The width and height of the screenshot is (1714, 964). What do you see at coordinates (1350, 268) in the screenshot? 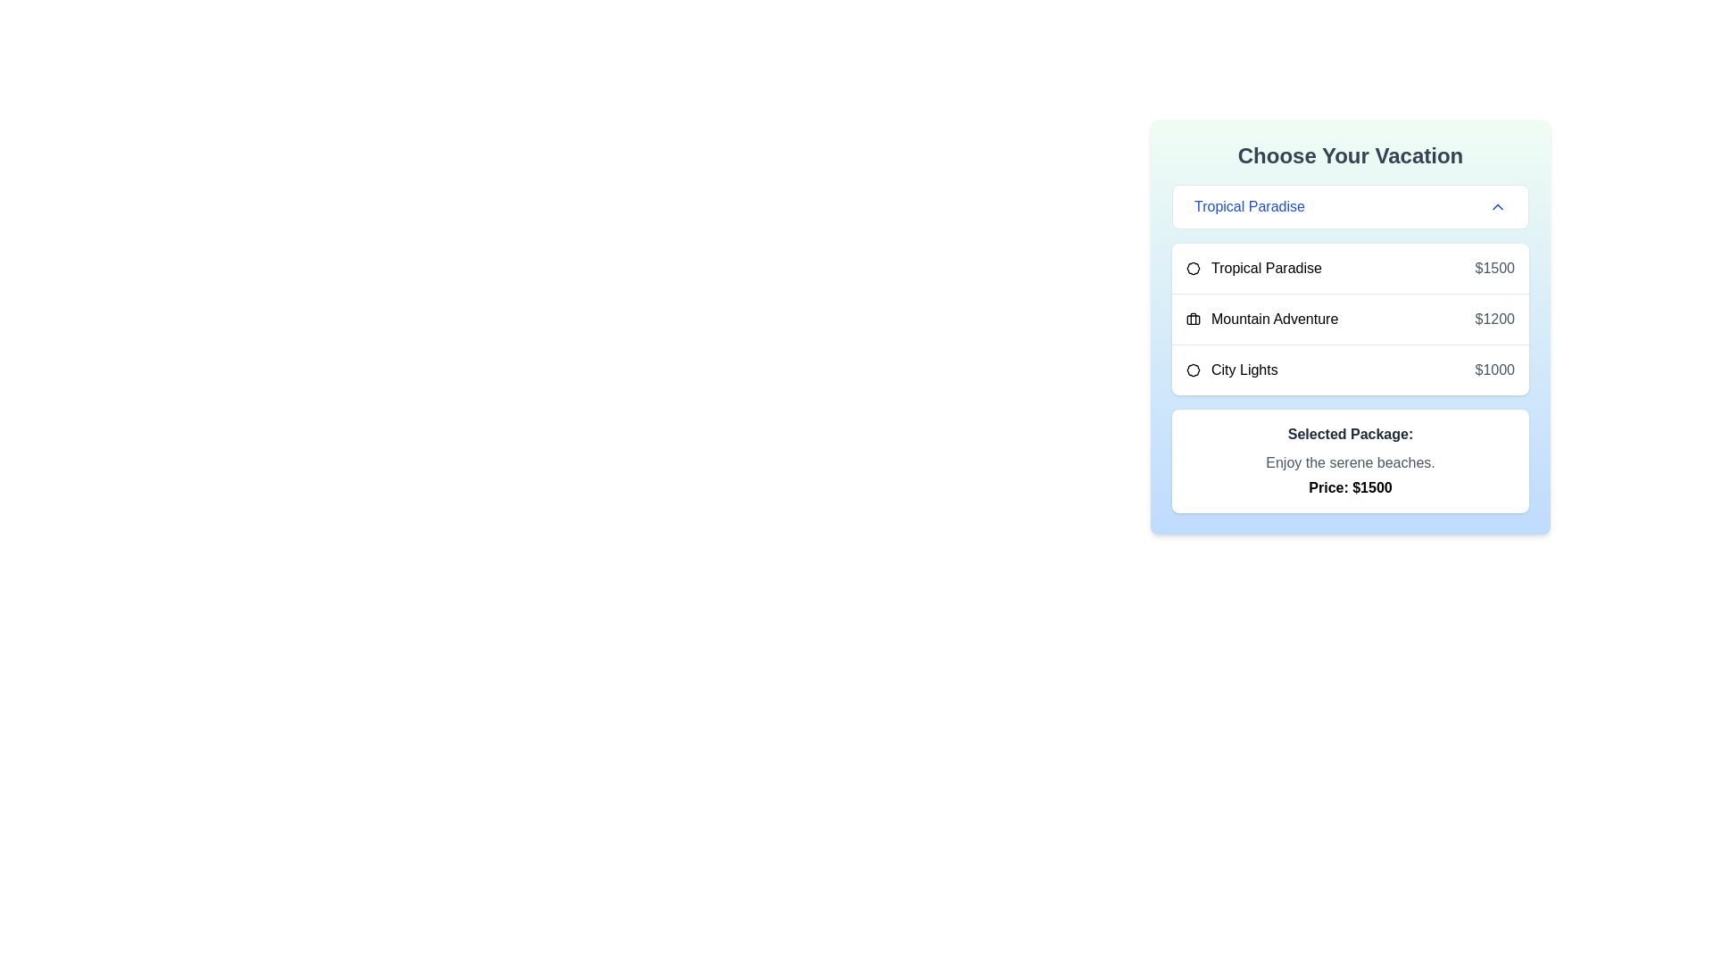
I see `the List Item element displaying 'Tropical Paradise'` at bounding box center [1350, 268].